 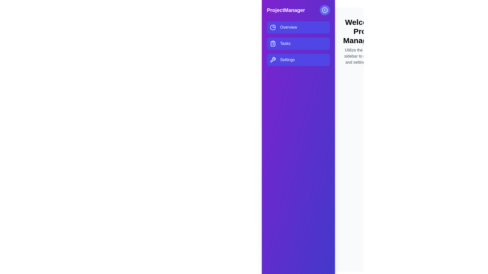 I want to click on the menu item Overview in the drawer, so click(x=298, y=27).